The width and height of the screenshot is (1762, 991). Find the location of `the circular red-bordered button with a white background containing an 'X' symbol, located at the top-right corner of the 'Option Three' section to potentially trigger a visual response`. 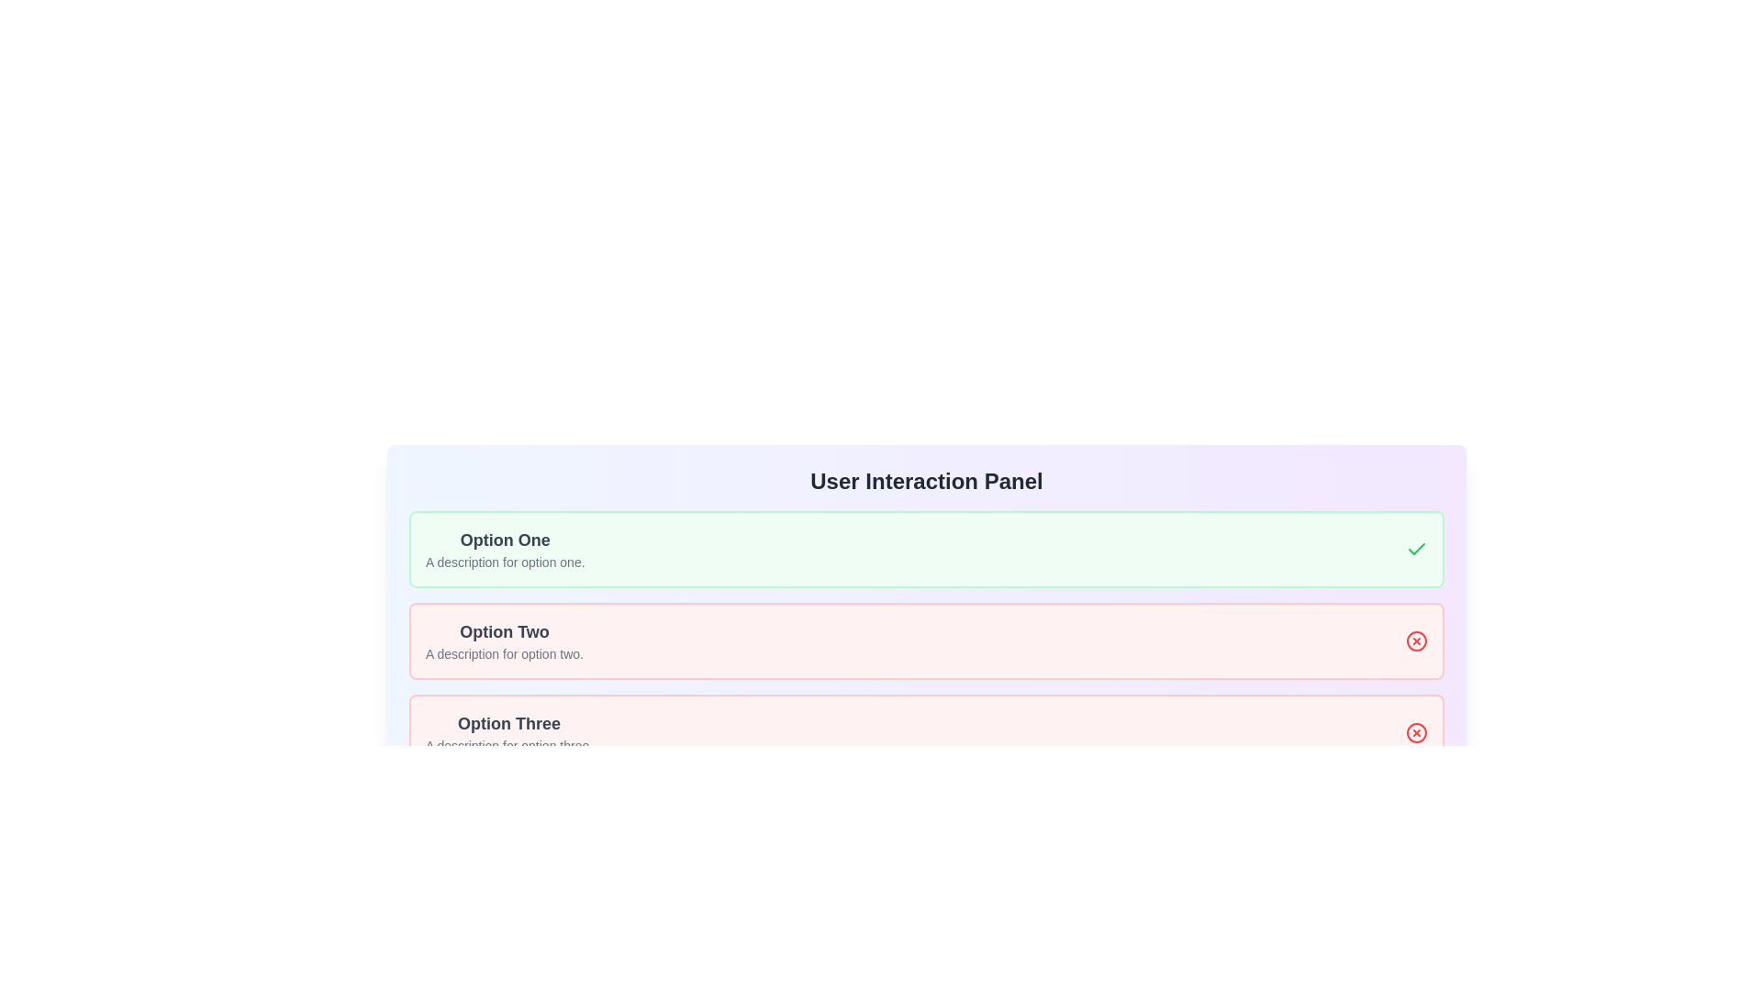

the circular red-bordered button with a white background containing an 'X' symbol, located at the top-right corner of the 'Option Three' section to potentially trigger a visual response is located at coordinates (1416, 731).